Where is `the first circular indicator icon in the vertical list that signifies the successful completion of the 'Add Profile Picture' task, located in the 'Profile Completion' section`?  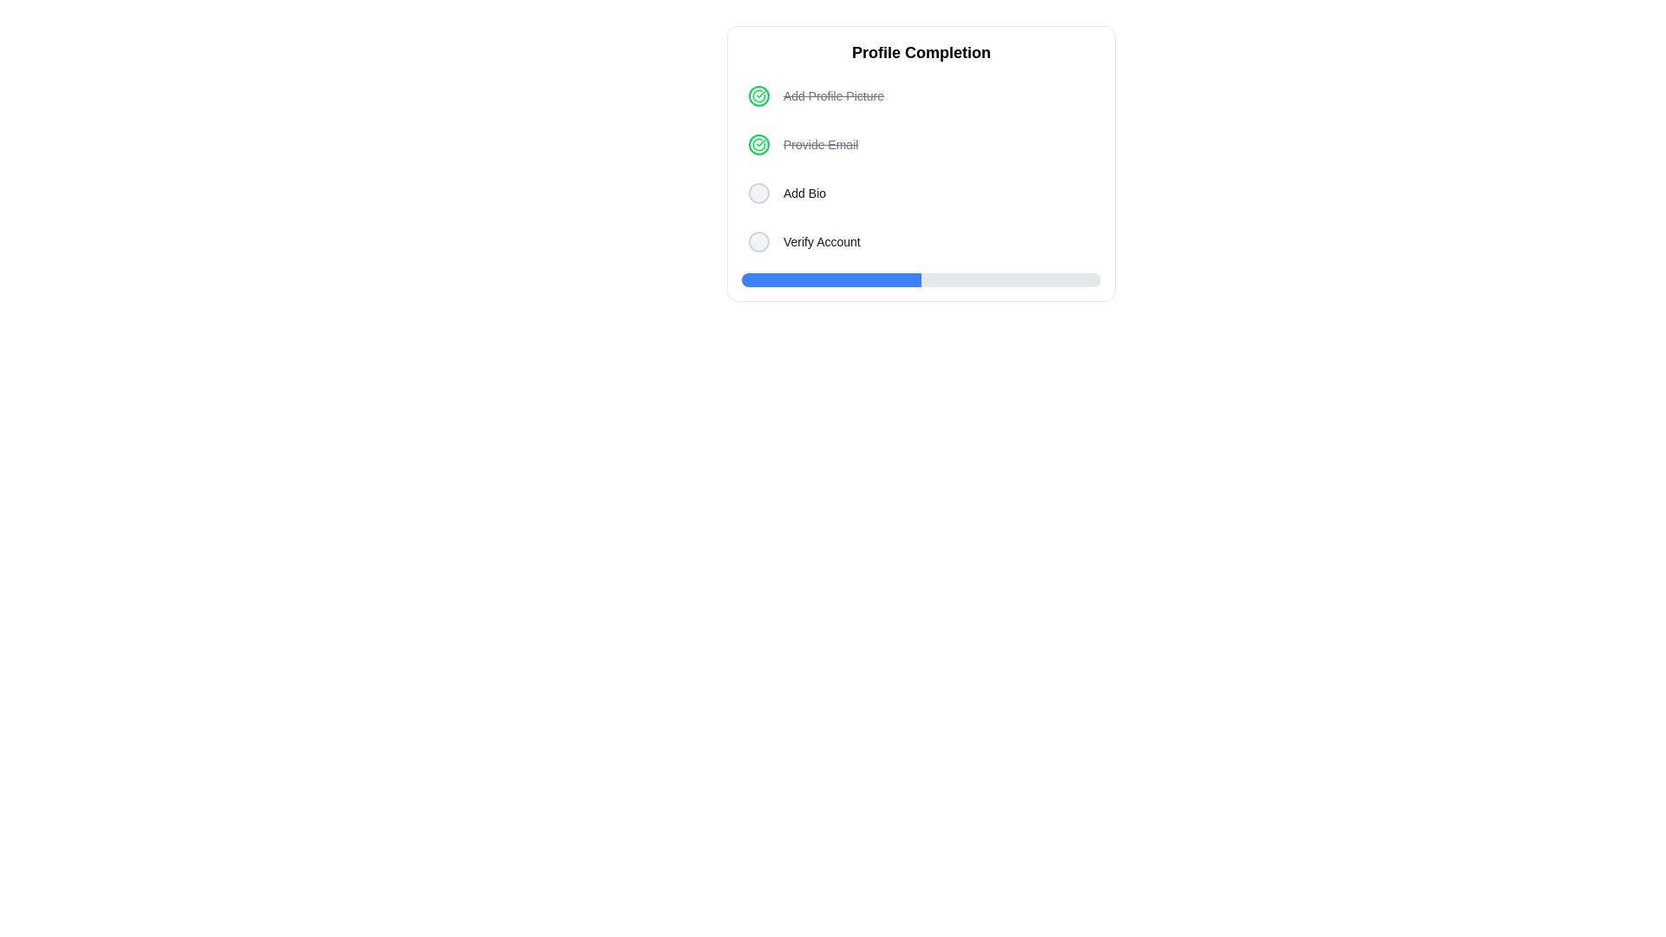
the first circular indicator icon in the vertical list that signifies the successful completion of the 'Add Profile Picture' task, located in the 'Profile Completion' section is located at coordinates (758, 143).